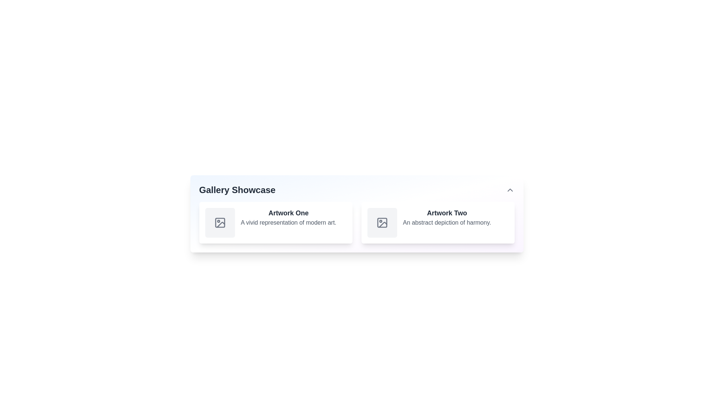  I want to click on the central Grid layout containing gallery items, so click(356, 222).